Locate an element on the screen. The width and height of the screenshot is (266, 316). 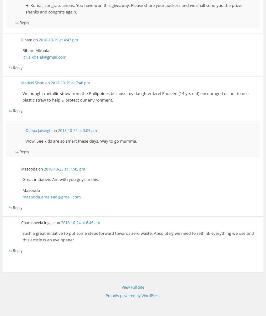
'Riham Alkhalaf' is located at coordinates (36, 50).